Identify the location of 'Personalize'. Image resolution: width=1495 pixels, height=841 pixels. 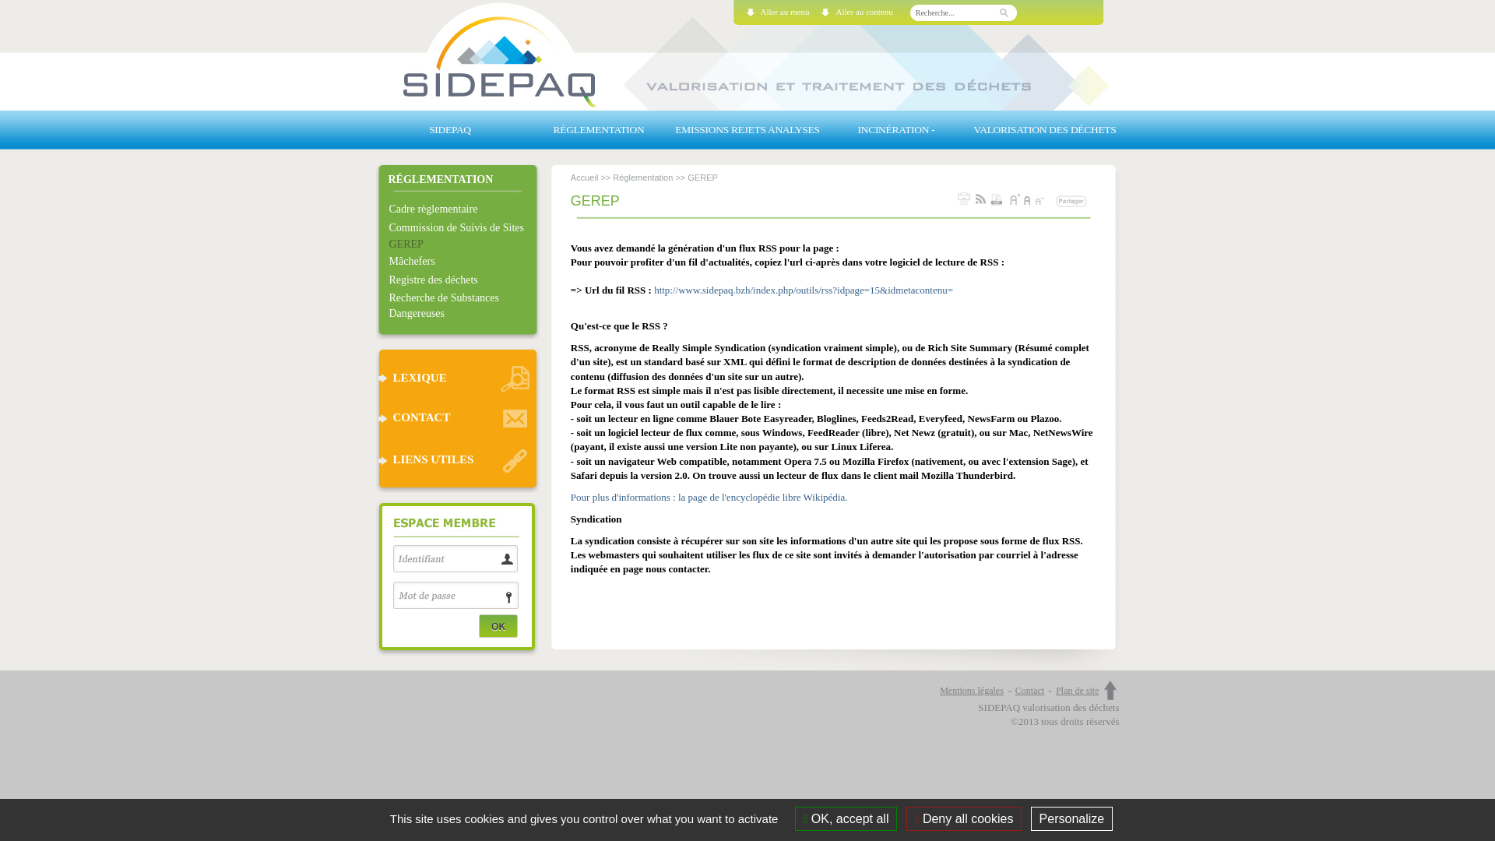
(1071, 818).